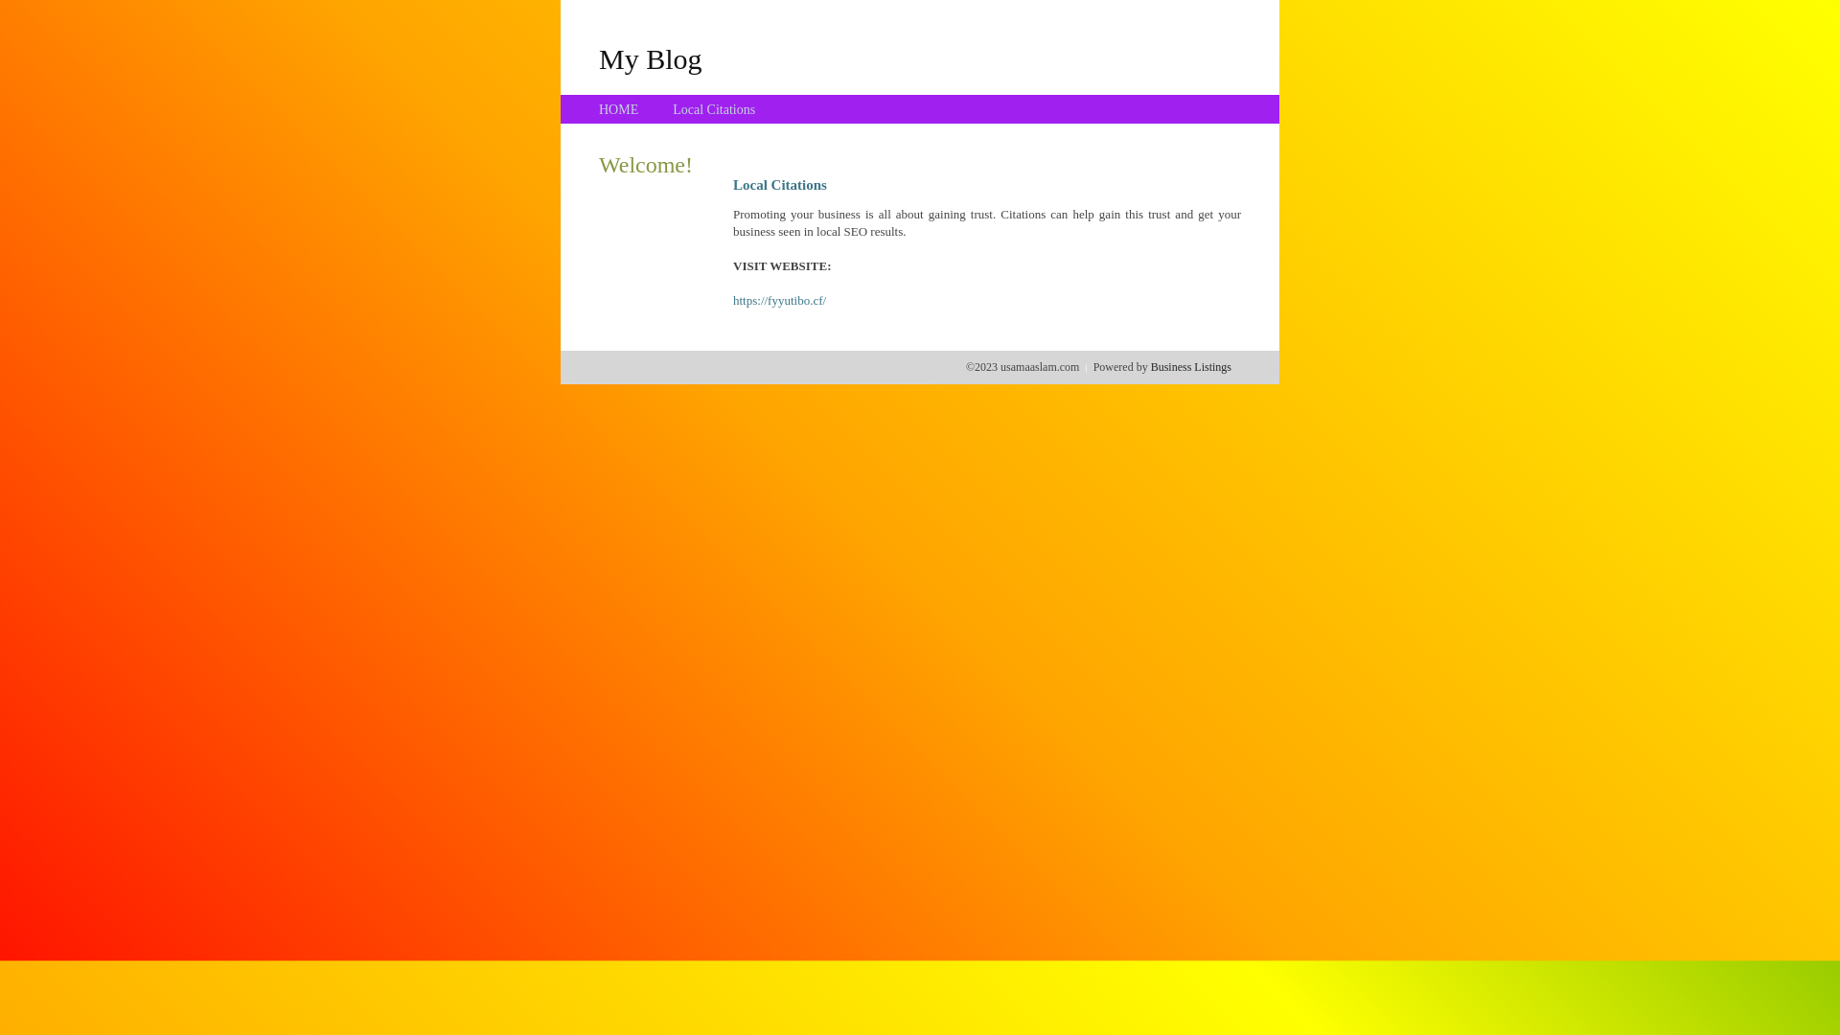 This screenshot has height=1035, width=1840. Describe the element at coordinates (779, 300) in the screenshot. I see `'https://fyyutibo.cf/'` at that location.